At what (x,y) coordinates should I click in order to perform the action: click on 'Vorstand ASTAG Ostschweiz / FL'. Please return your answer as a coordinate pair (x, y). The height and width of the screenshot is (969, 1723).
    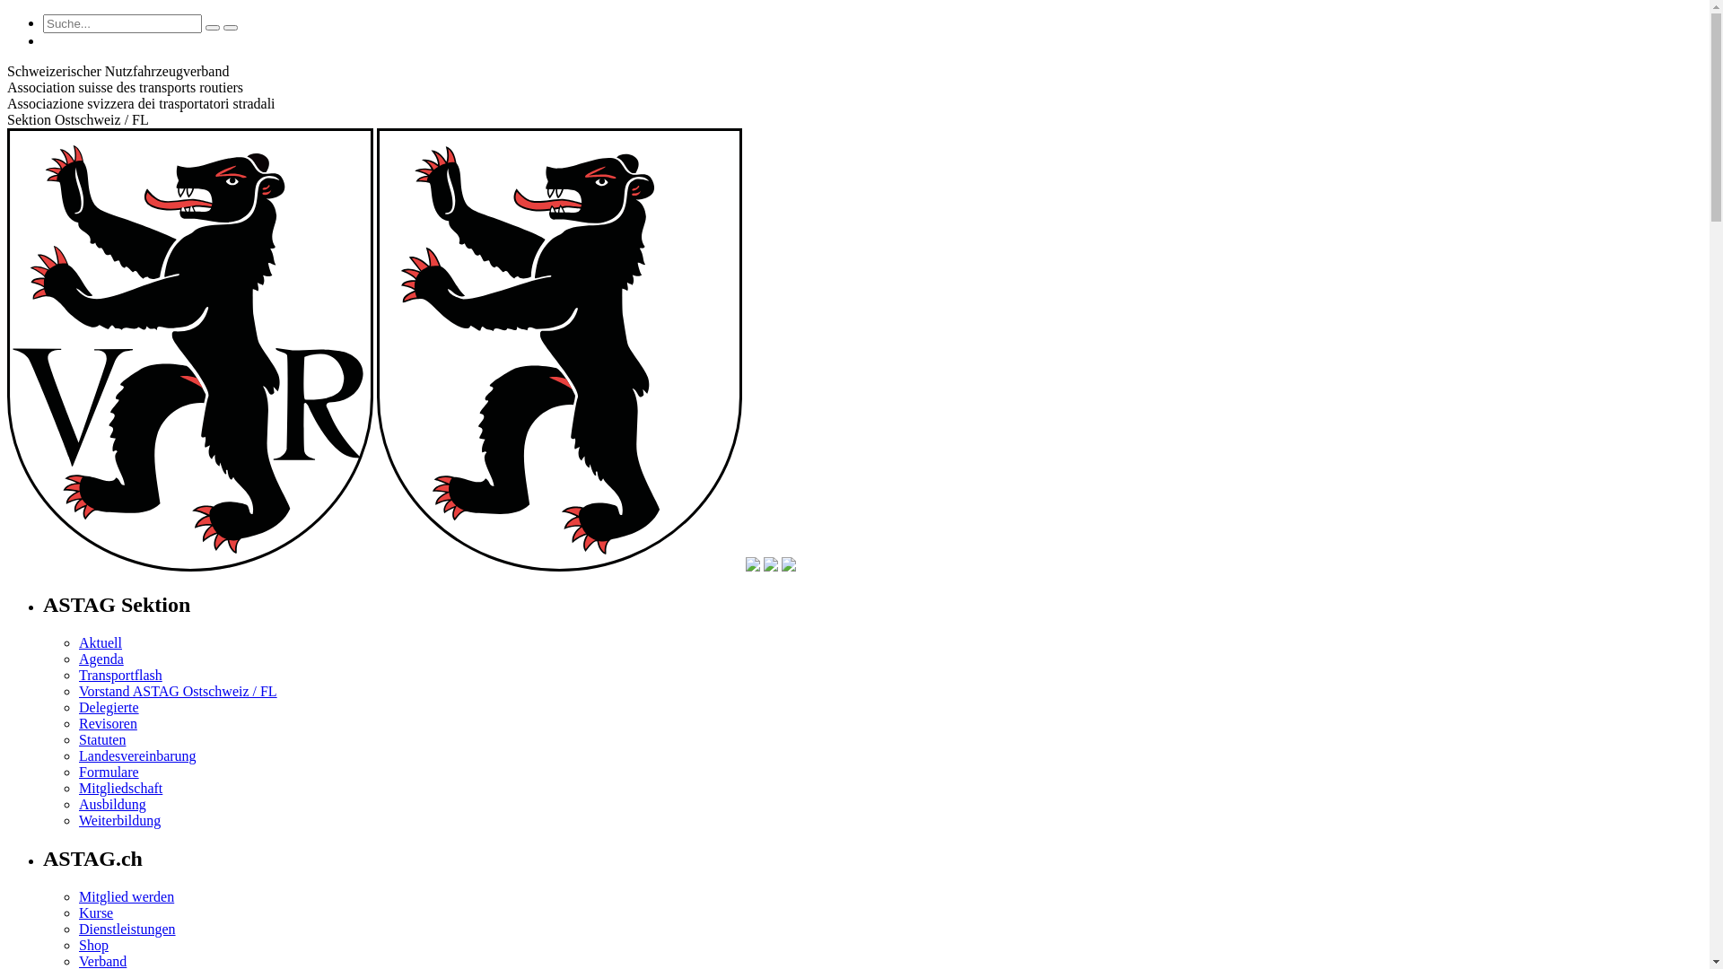
    Looking at the image, I should click on (77, 690).